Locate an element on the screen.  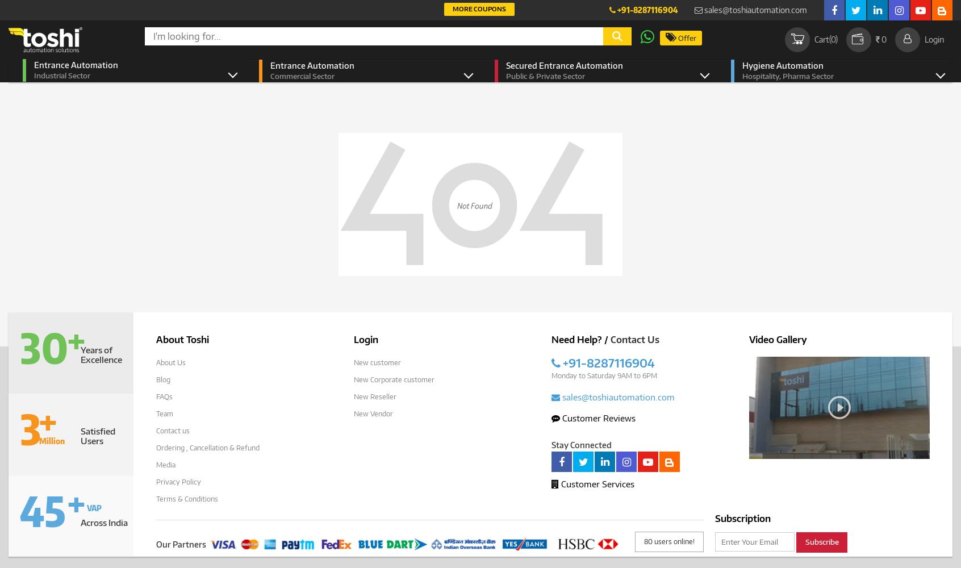
'Hygiene Automation' is located at coordinates (782, 65).